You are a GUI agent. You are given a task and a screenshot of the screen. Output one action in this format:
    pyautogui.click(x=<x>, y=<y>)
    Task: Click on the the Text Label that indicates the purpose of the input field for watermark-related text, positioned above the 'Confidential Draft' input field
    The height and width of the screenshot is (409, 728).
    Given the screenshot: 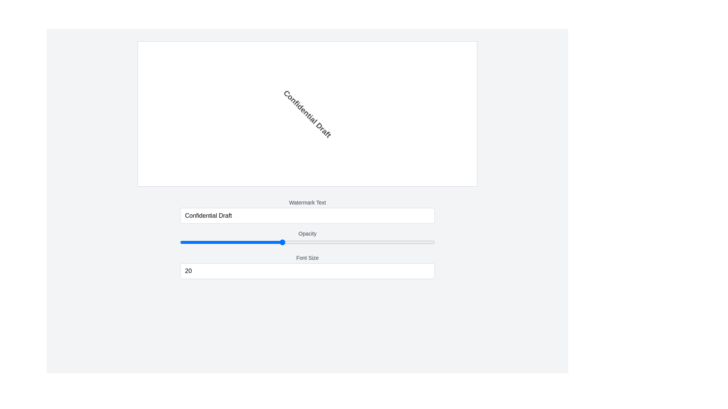 What is the action you would take?
    pyautogui.click(x=308, y=202)
    